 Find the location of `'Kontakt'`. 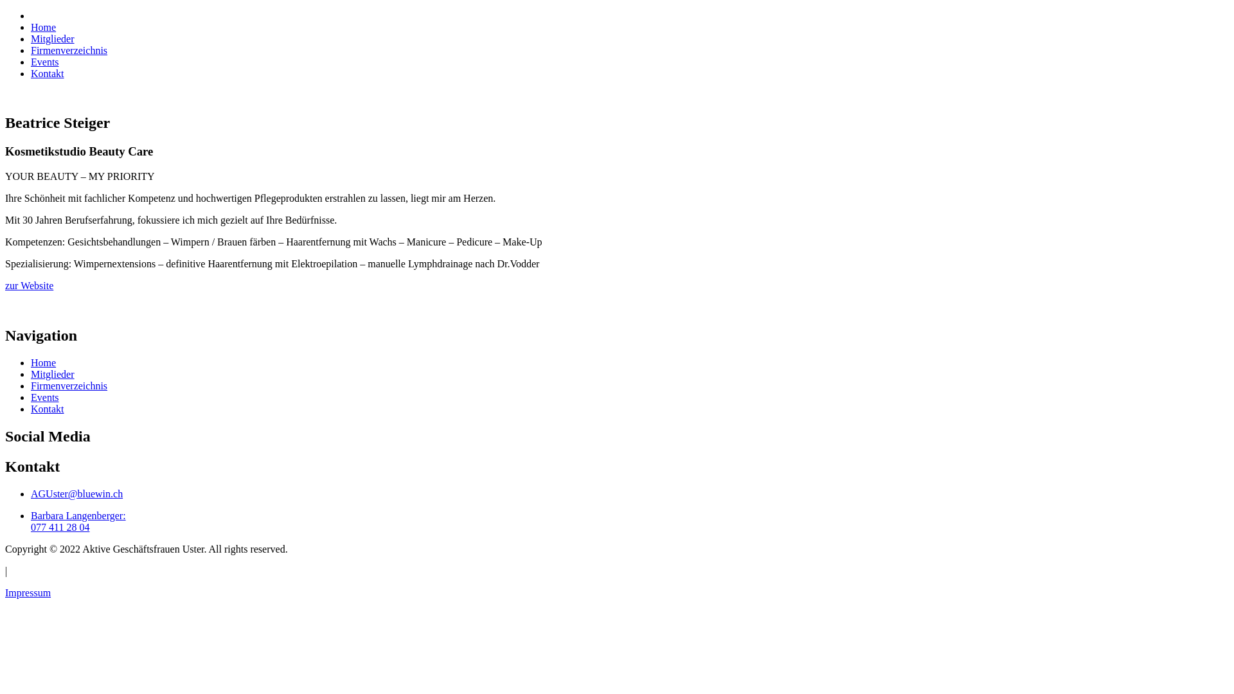

'Kontakt' is located at coordinates (47, 73).